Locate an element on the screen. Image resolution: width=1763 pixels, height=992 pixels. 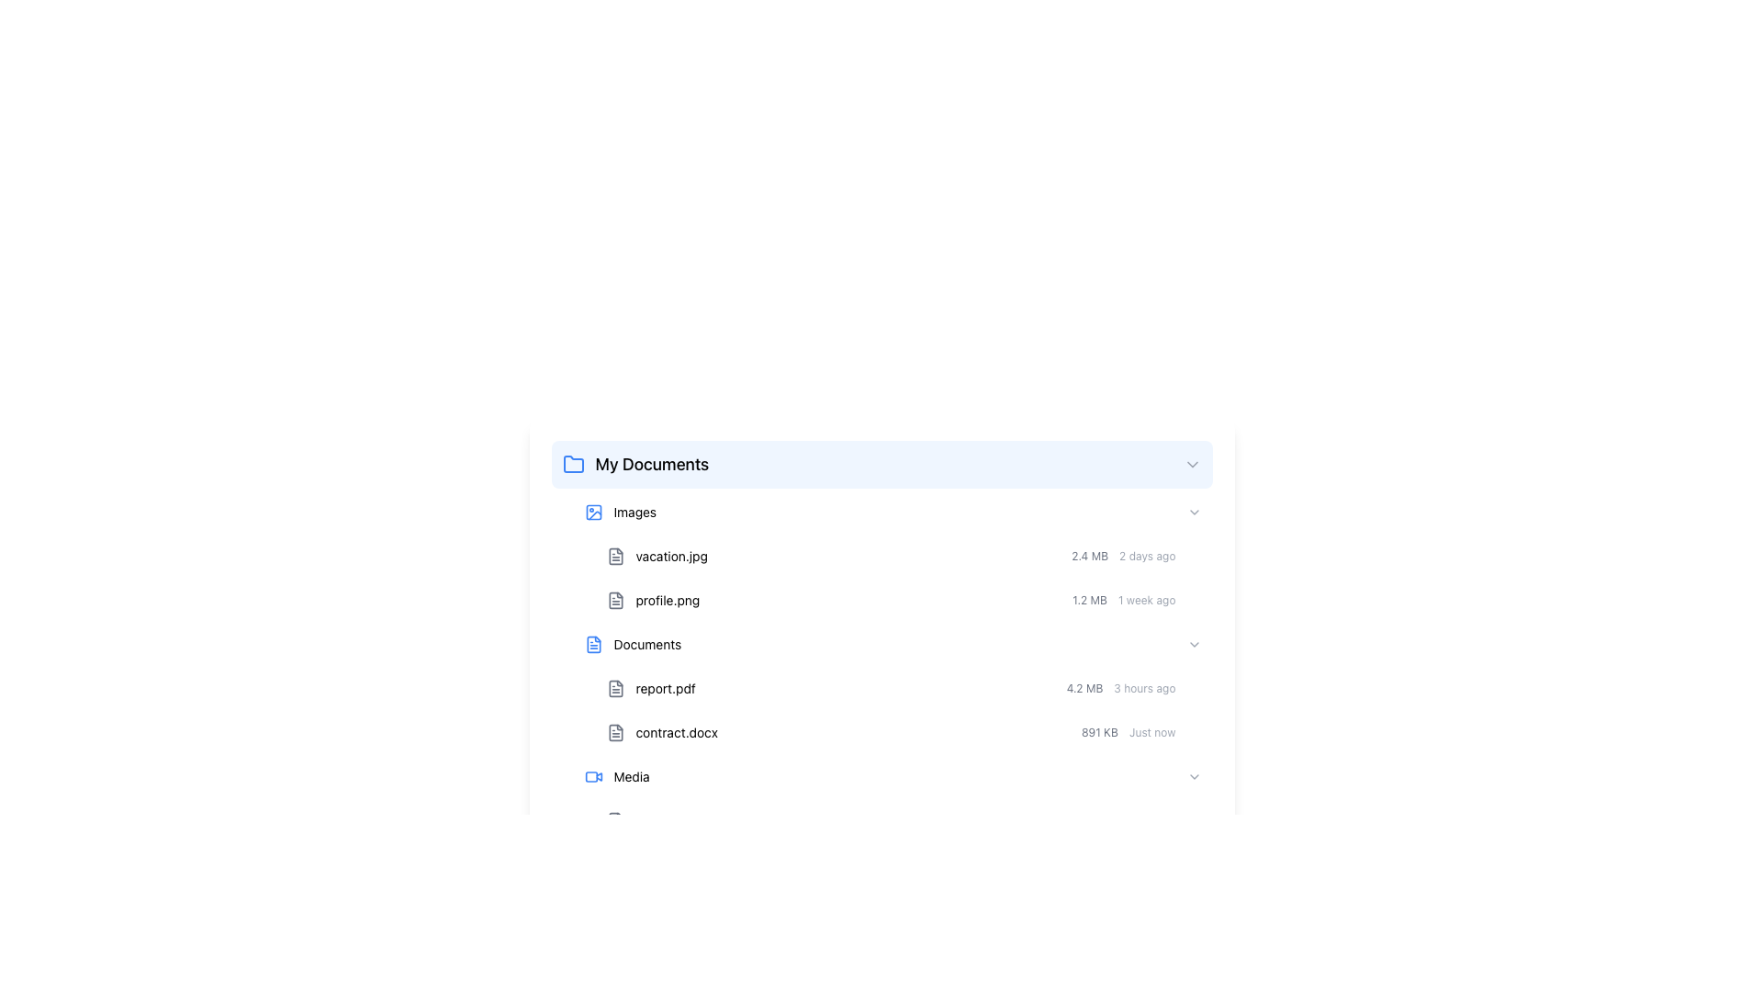
the 'Media' element, which features a blue video camera icon alongside the text 'Media', located at the bottom of the 'My Documents' section is located at coordinates (617, 776).